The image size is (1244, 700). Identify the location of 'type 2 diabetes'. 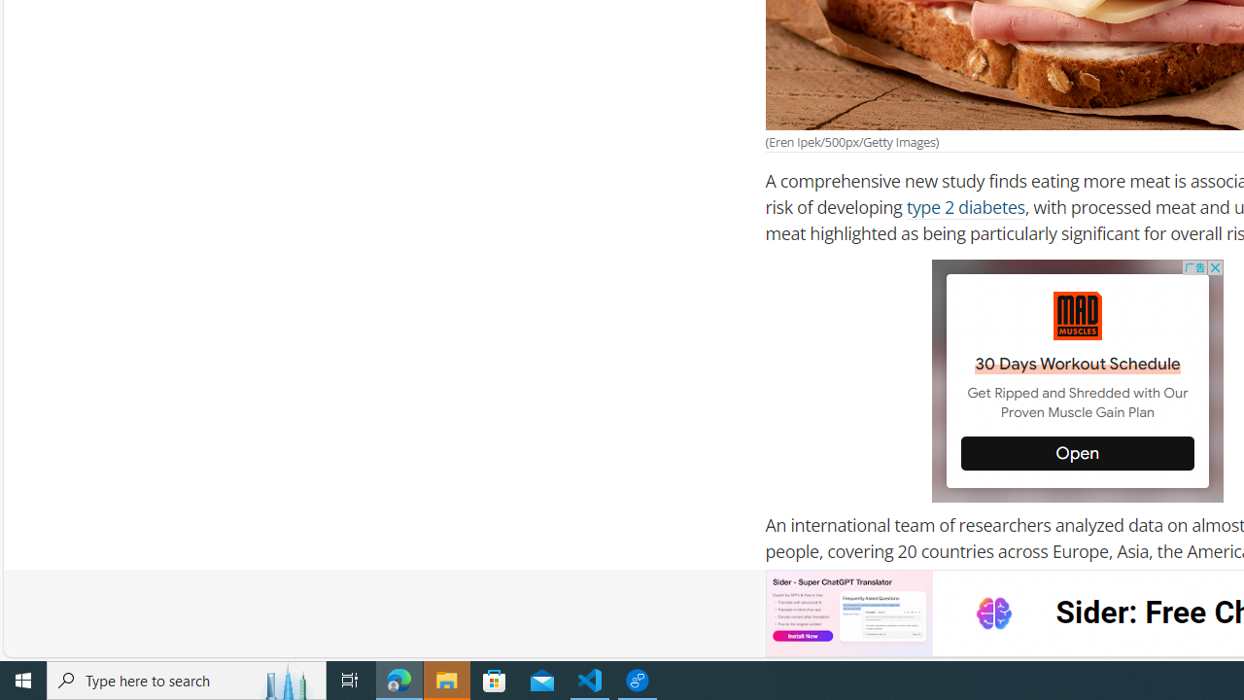
(965, 207).